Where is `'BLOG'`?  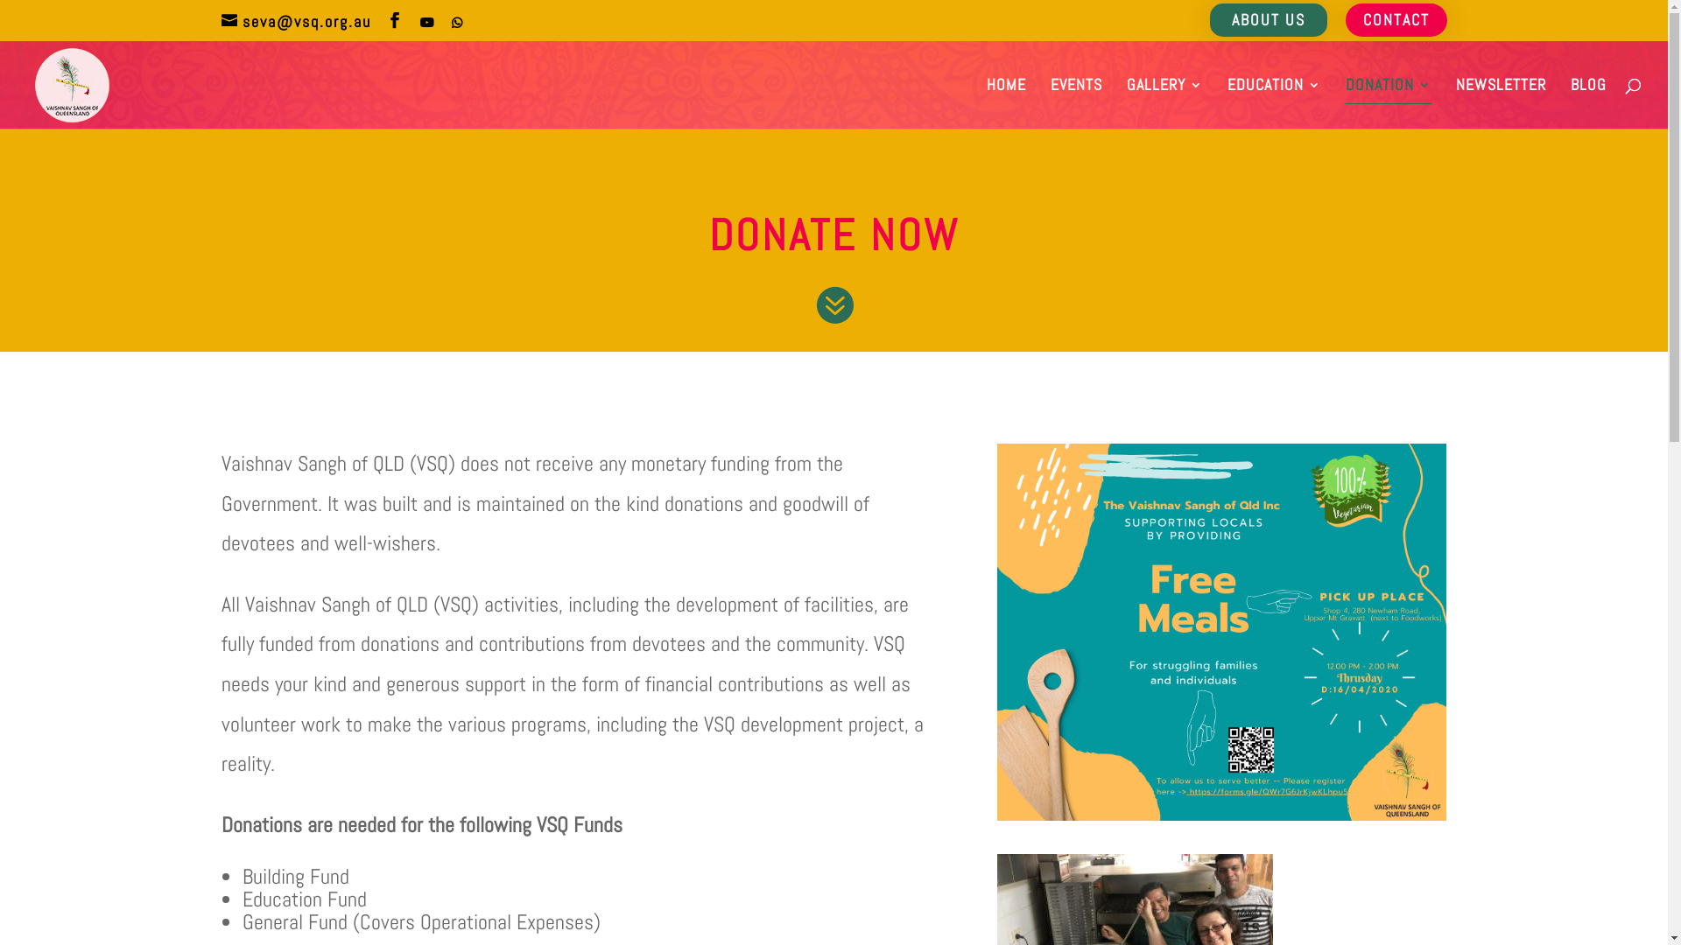 'BLOG' is located at coordinates (1588, 103).